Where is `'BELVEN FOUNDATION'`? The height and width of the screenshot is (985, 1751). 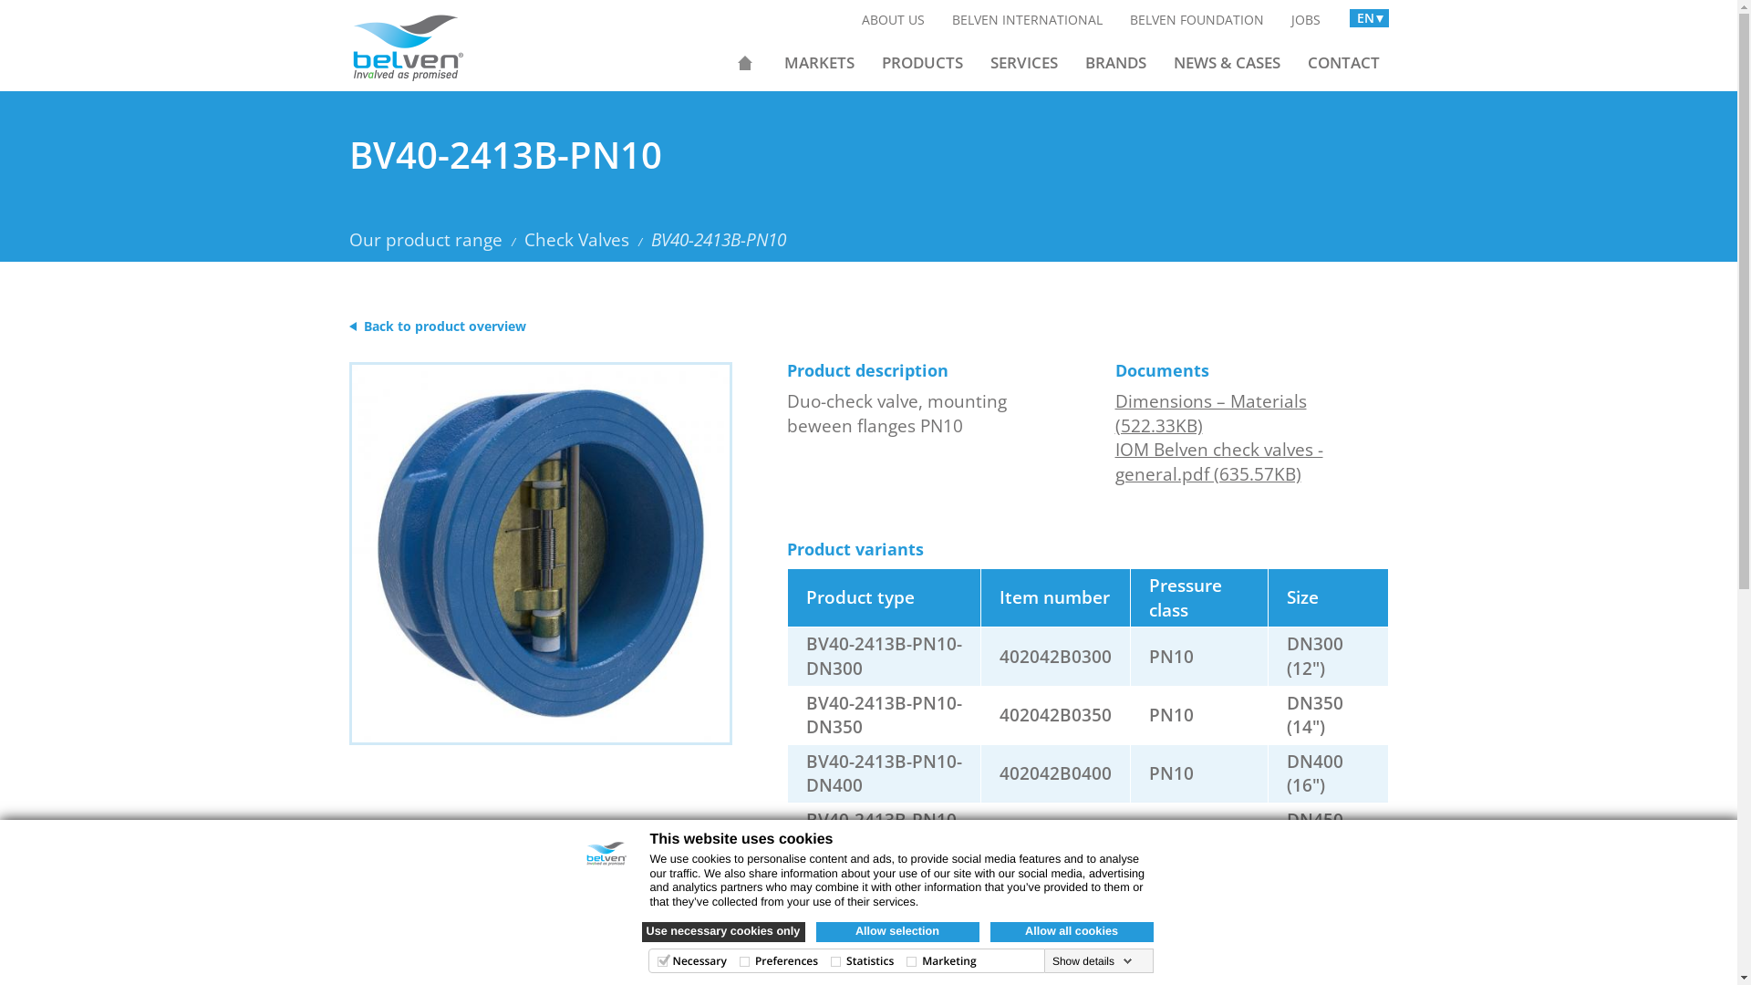 'BELVEN FOUNDATION' is located at coordinates (1197, 20).